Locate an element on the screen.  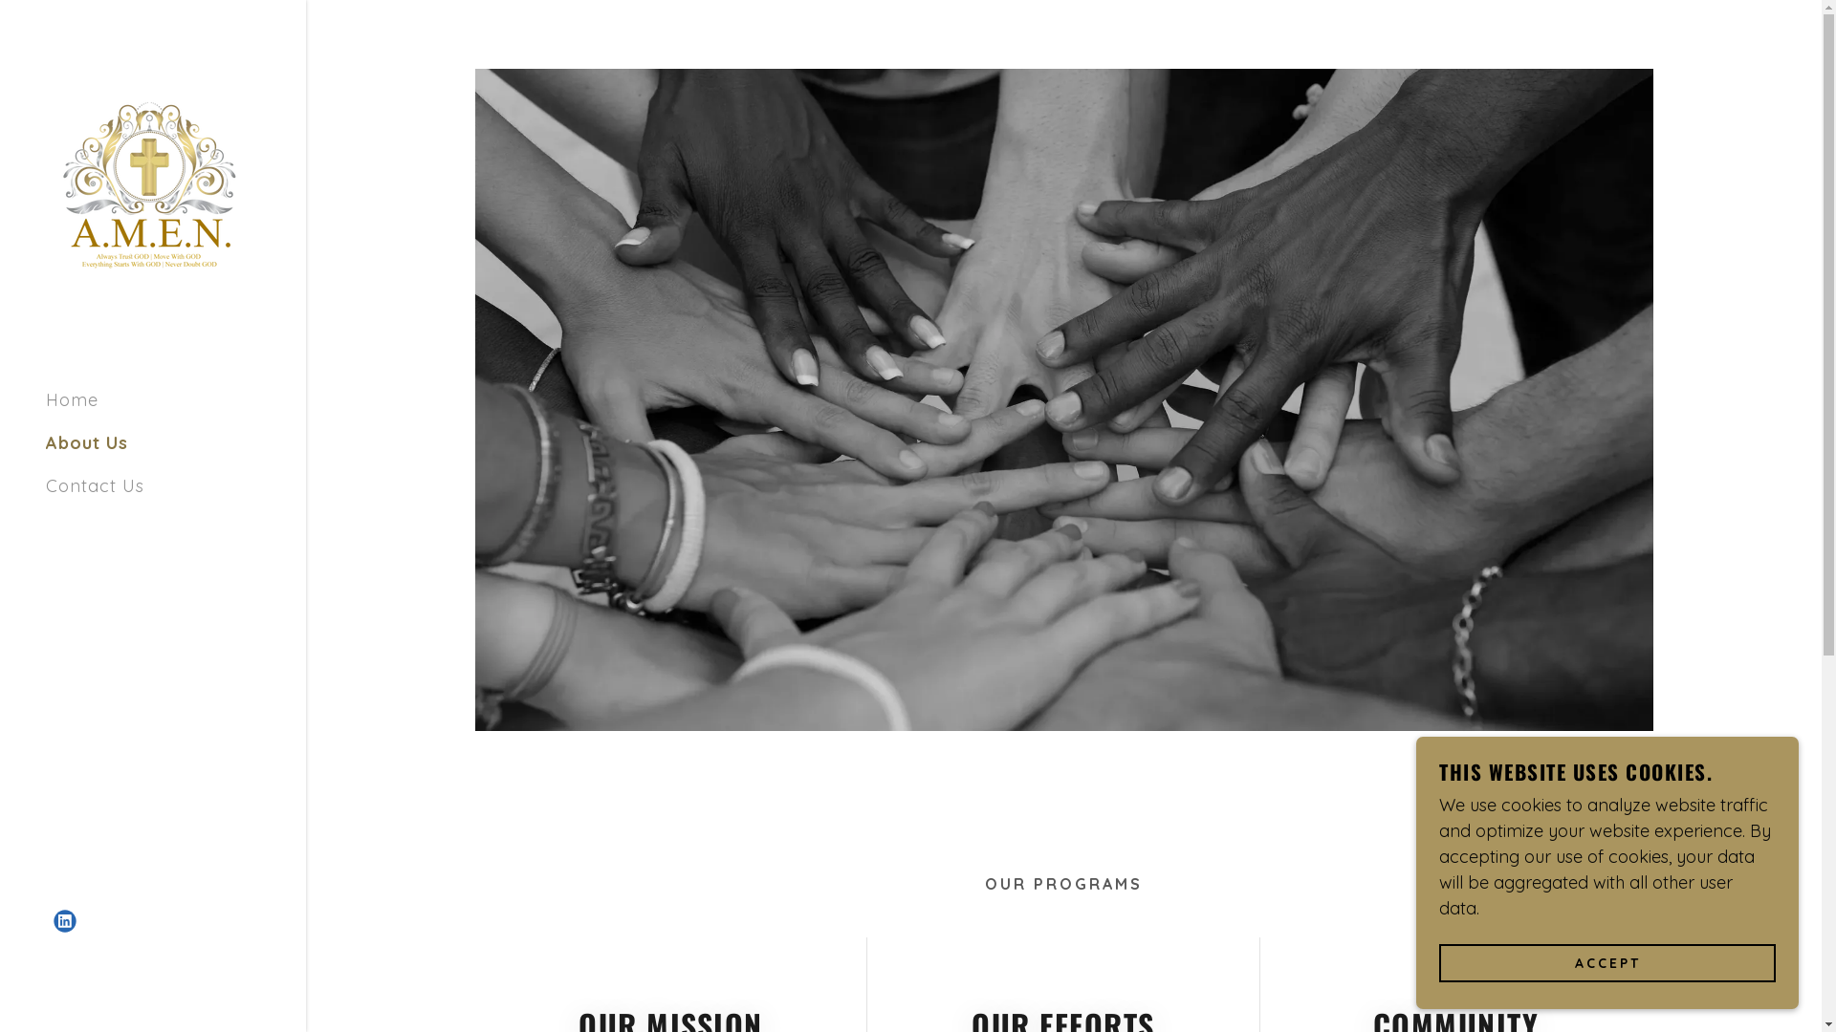
'Contact Us' is located at coordinates (46, 484).